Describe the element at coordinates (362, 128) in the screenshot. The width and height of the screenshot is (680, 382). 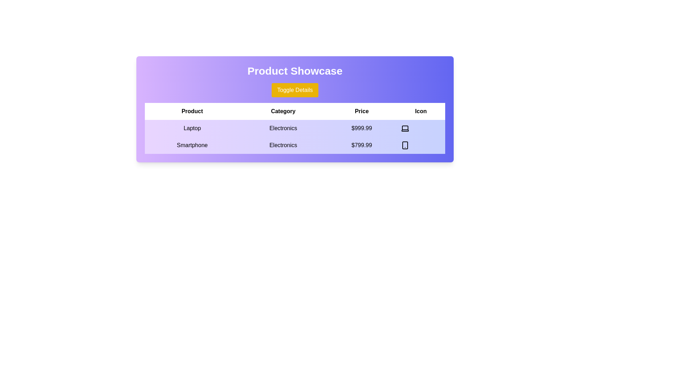
I see `the static text label displaying the price '$999.99' in black text against a light purple background, located in the third column of the first row of the table under the 'Price' header` at that location.